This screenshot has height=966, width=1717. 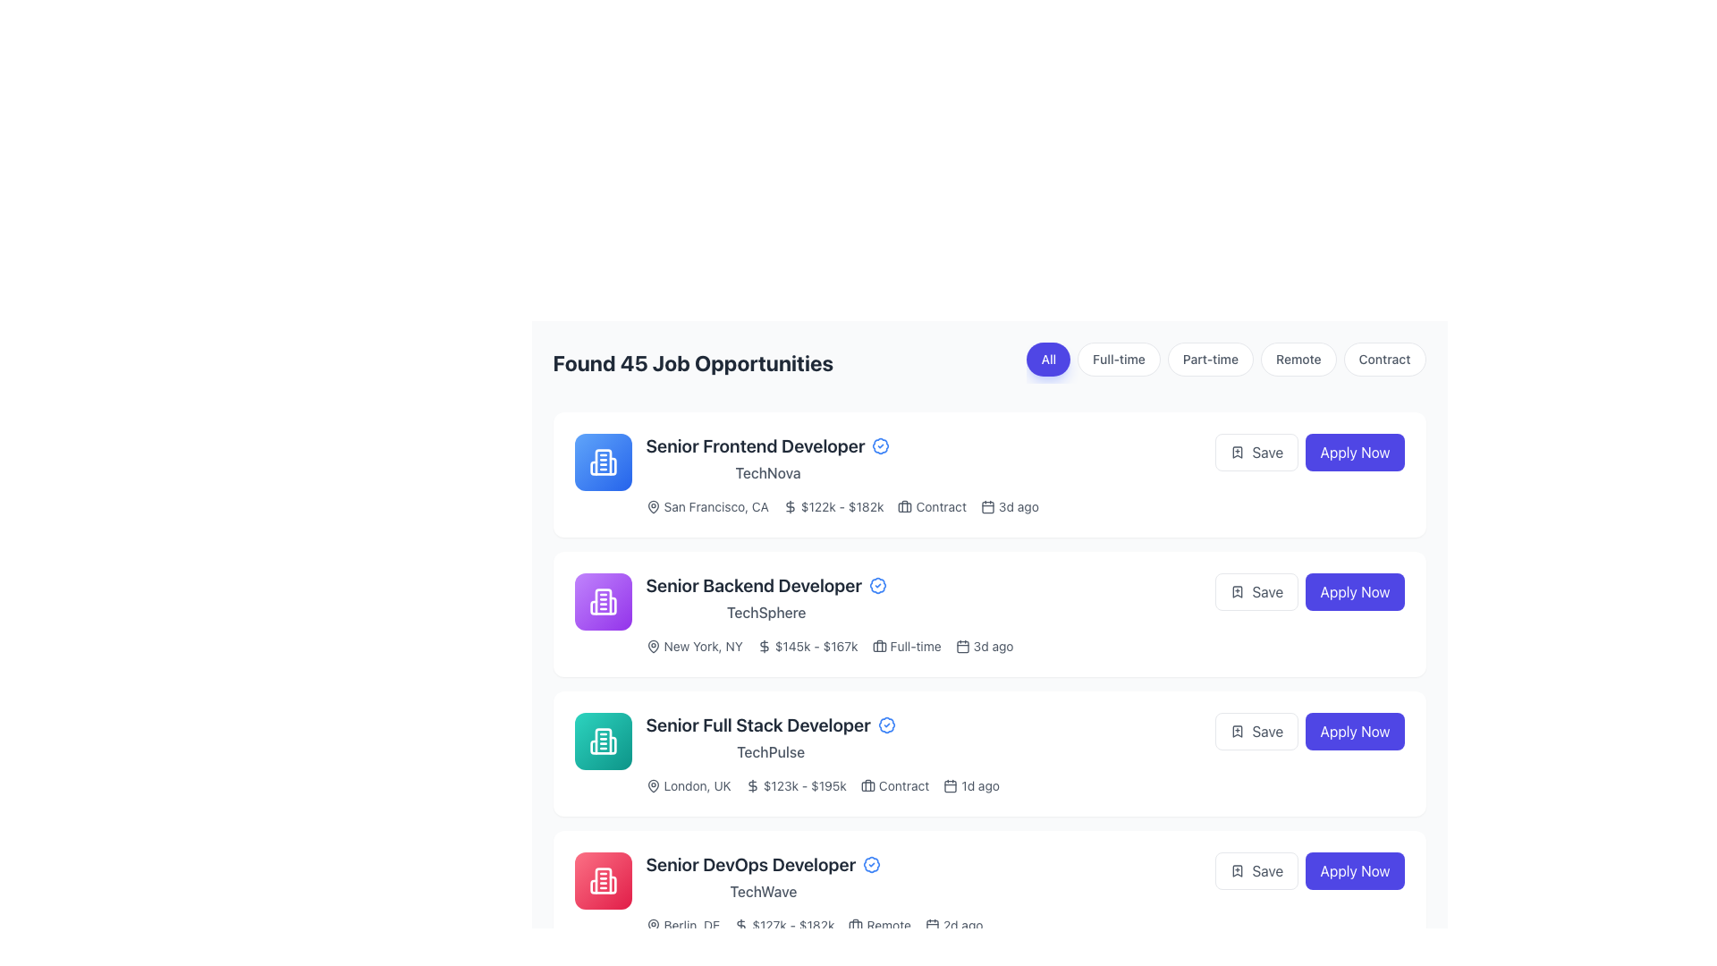 What do you see at coordinates (931, 926) in the screenshot?
I see `the calendar icon, which is part of an SVG used to indicate dates in a job posting, located near the Apply Now button and job metadata` at bounding box center [931, 926].